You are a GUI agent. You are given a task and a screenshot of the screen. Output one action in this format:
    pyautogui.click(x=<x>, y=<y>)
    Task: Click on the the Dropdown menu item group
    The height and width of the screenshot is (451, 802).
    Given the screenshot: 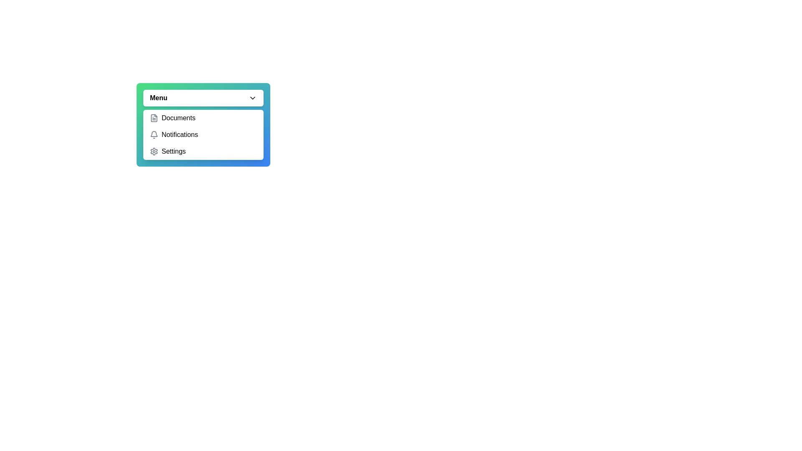 What is the action you would take?
    pyautogui.click(x=203, y=125)
    